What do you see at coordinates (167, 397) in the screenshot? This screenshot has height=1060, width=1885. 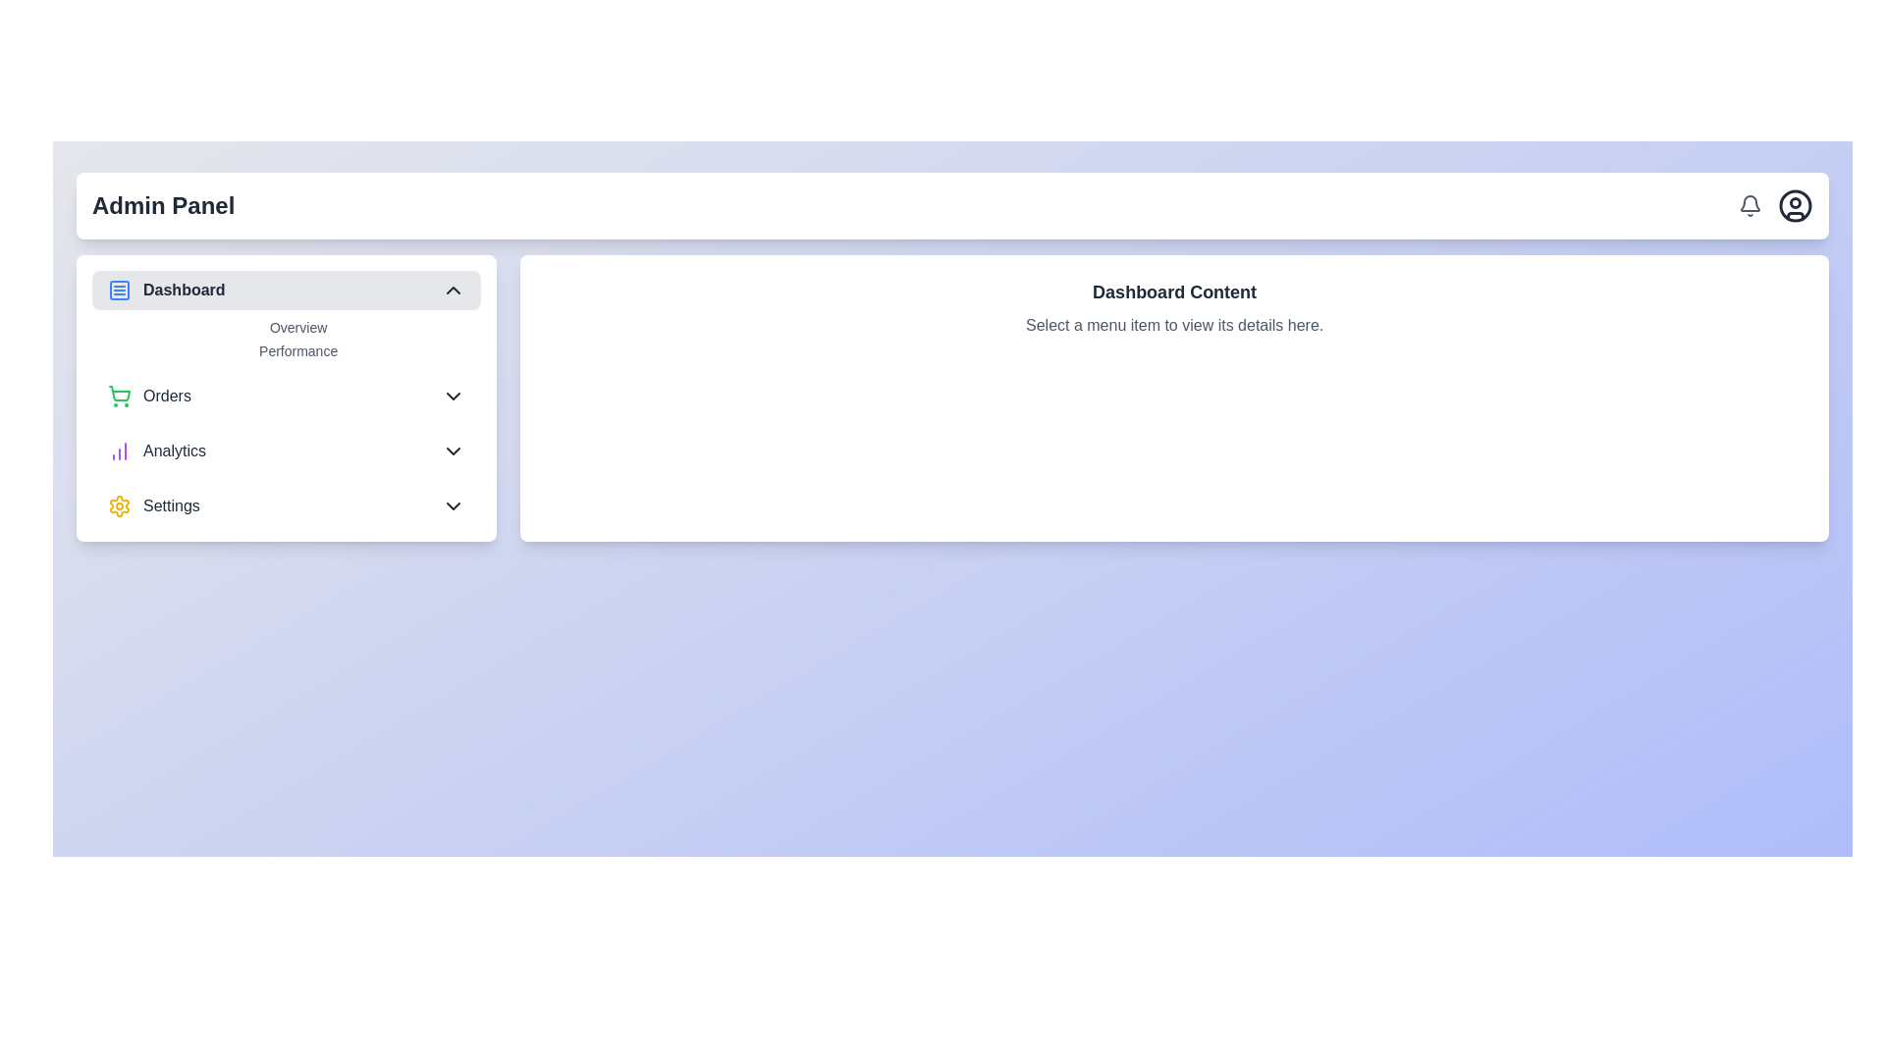 I see `the 'Orders' text label in the left-side menu under the 'Dashboard' section` at bounding box center [167, 397].